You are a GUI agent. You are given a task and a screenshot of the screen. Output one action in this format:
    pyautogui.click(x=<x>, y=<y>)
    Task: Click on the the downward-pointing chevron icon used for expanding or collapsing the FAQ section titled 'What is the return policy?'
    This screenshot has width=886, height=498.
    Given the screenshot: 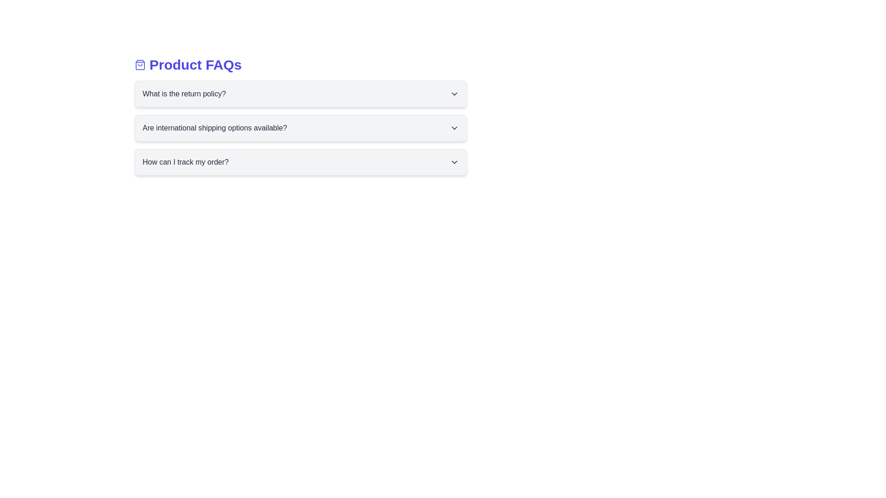 What is the action you would take?
    pyautogui.click(x=454, y=94)
    